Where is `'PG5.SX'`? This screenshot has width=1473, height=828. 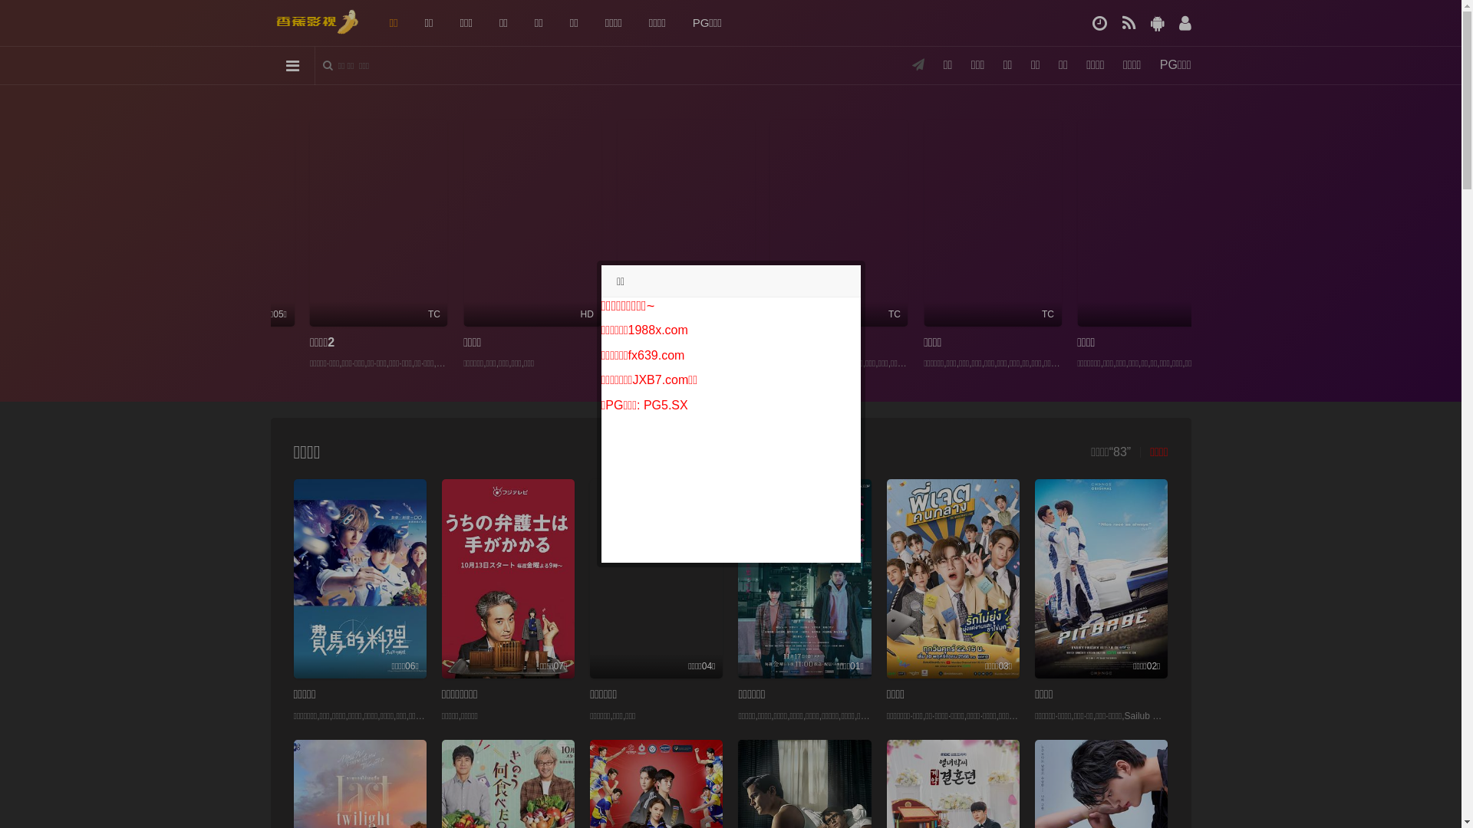 'PG5.SX' is located at coordinates (666, 404).